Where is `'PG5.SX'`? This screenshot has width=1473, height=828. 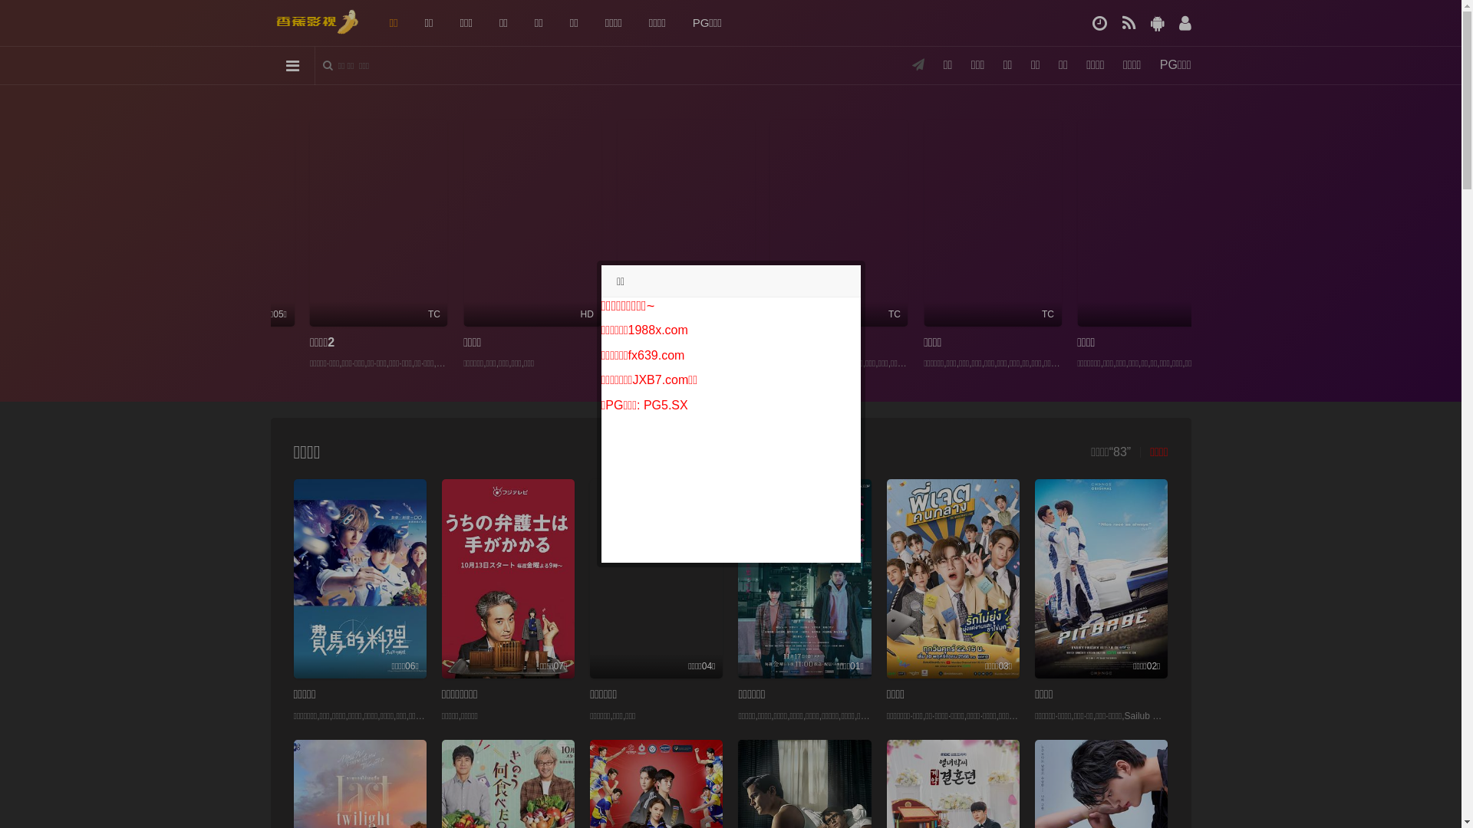 'PG5.SX' is located at coordinates (666, 404).